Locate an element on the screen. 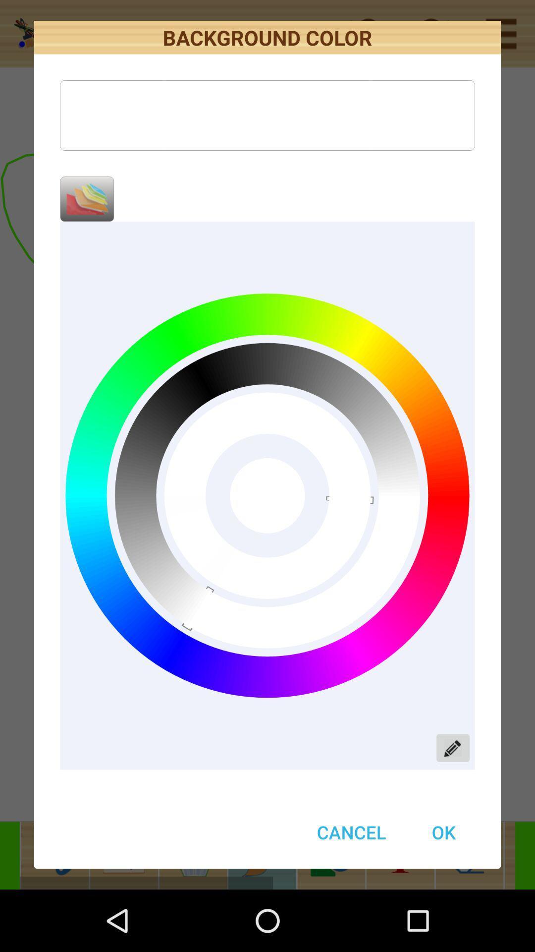  button to the right of the cancel item is located at coordinates (443, 832).